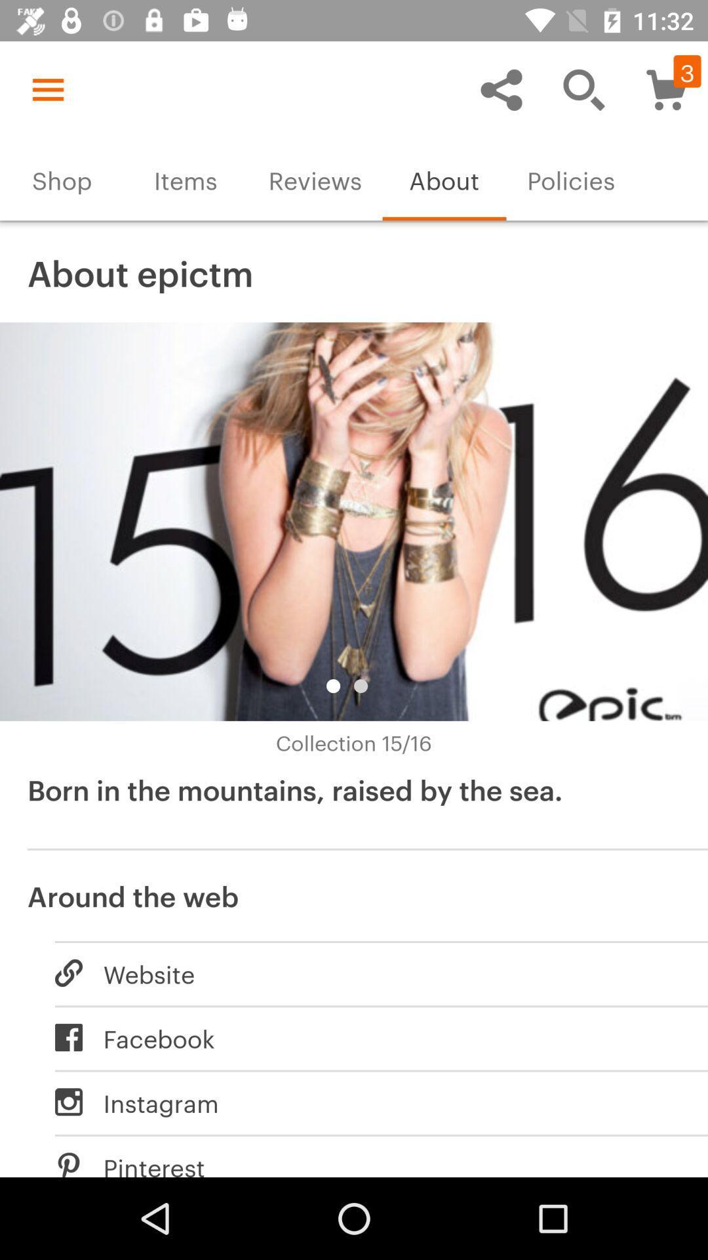 The height and width of the screenshot is (1260, 708). I want to click on the item above the about, so click(501, 89).